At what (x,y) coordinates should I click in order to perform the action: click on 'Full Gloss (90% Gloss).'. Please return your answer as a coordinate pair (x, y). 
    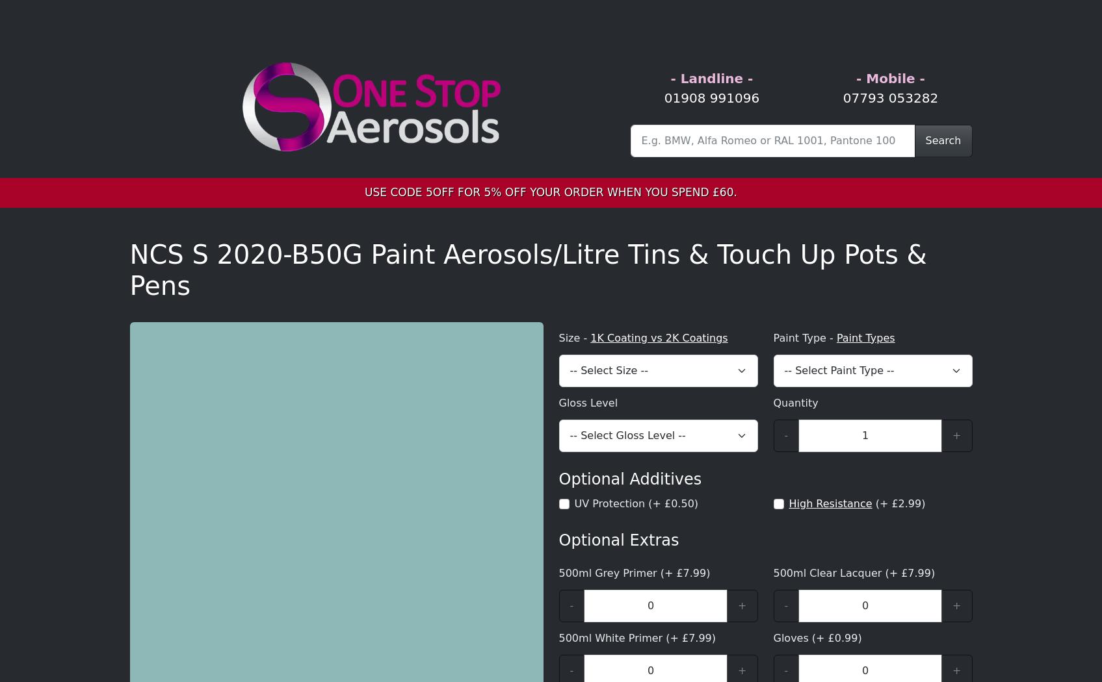
    Looking at the image, I should click on (735, 383).